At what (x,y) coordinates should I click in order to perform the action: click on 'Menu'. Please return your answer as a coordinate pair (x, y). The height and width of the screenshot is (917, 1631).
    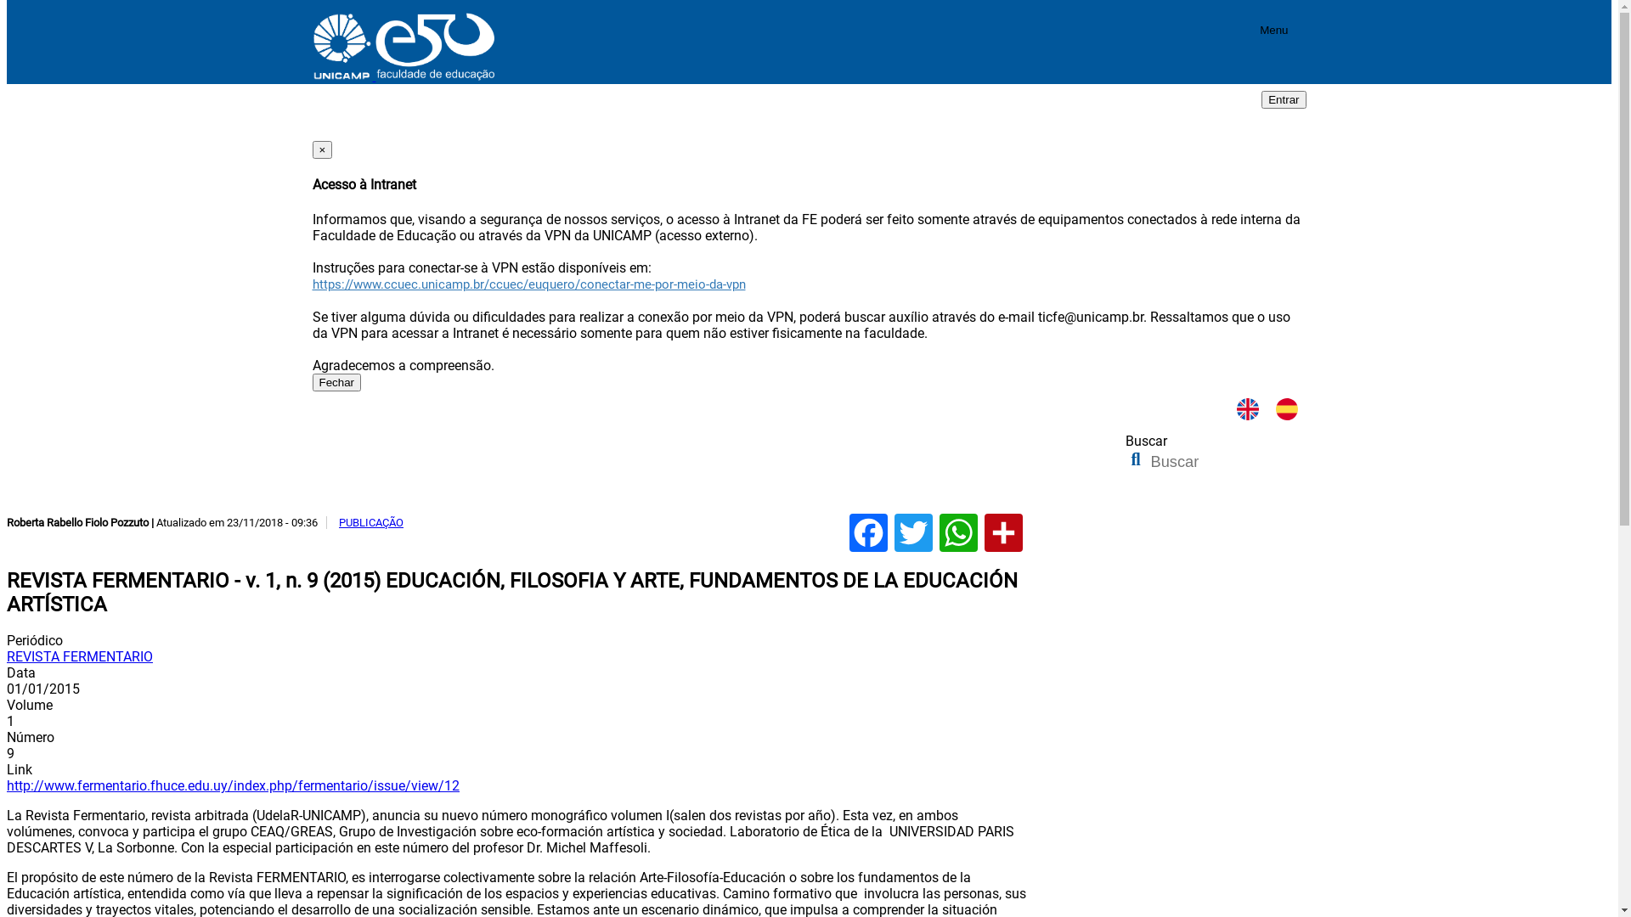
    Looking at the image, I should click on (1273, 31).